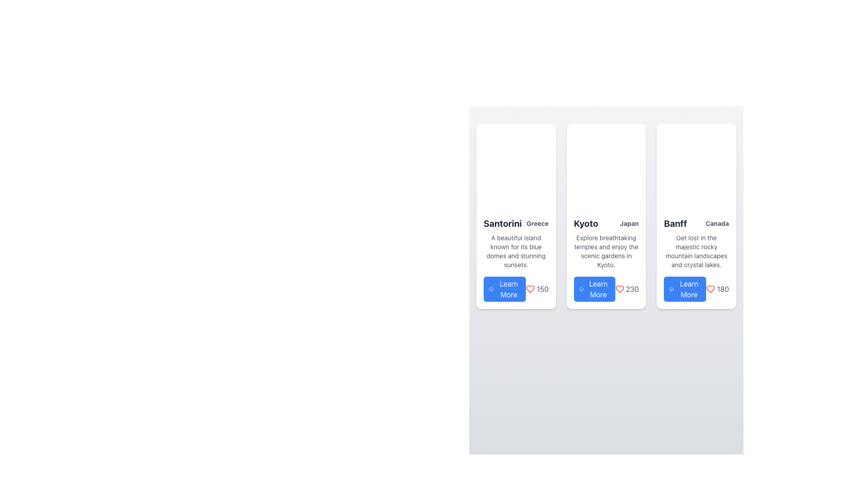 The height and width of the screenshot is (485, 863). Describe the element at coordinates (619, 289) in the screenshot. I see `the heart icon styled in red, located to the right of the number '230' in the second card titled 'Kyoto Japan'` at that location.